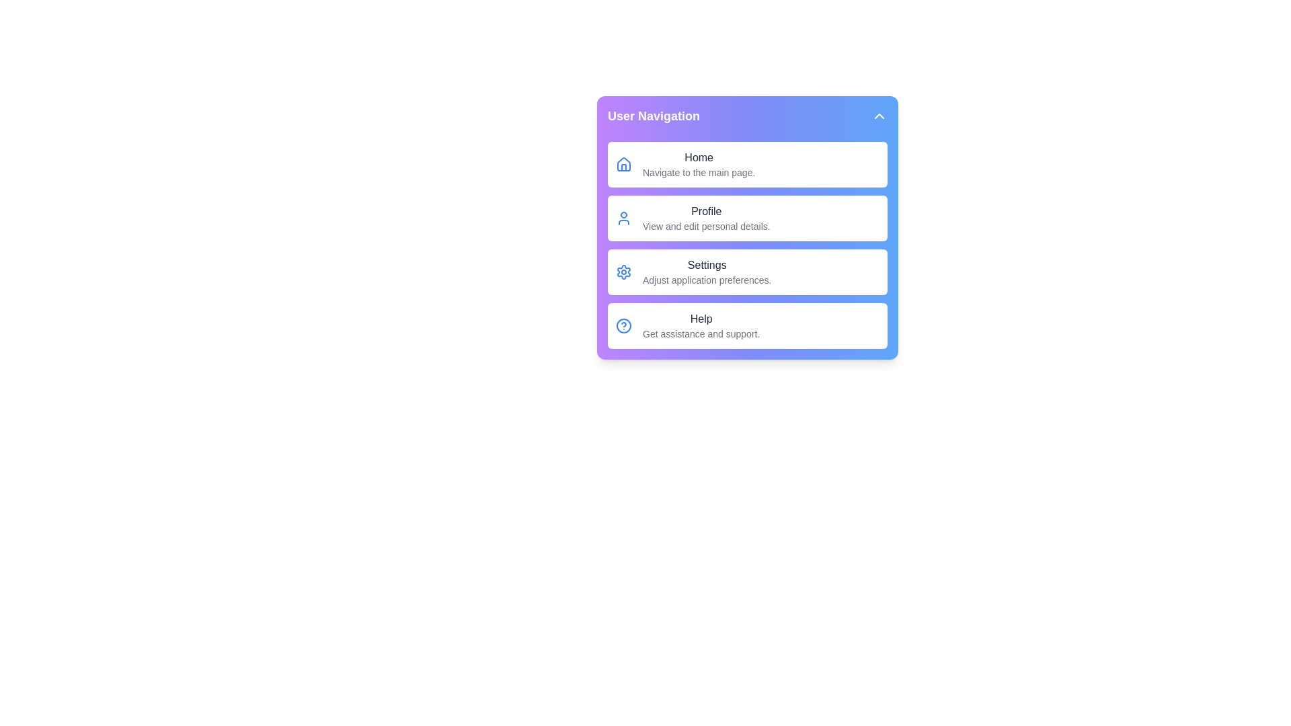 This screenshot has height=726, width=1291. I want to click on the menu item Profile from the dropdown menu, so click(747, 217).